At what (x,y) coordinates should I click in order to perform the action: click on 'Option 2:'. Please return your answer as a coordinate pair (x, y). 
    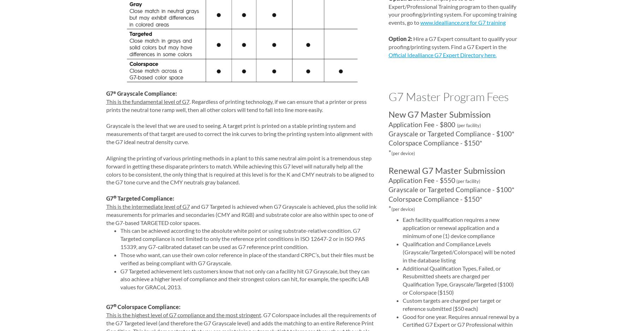
    Looking at the image, I should click on (387, 38).